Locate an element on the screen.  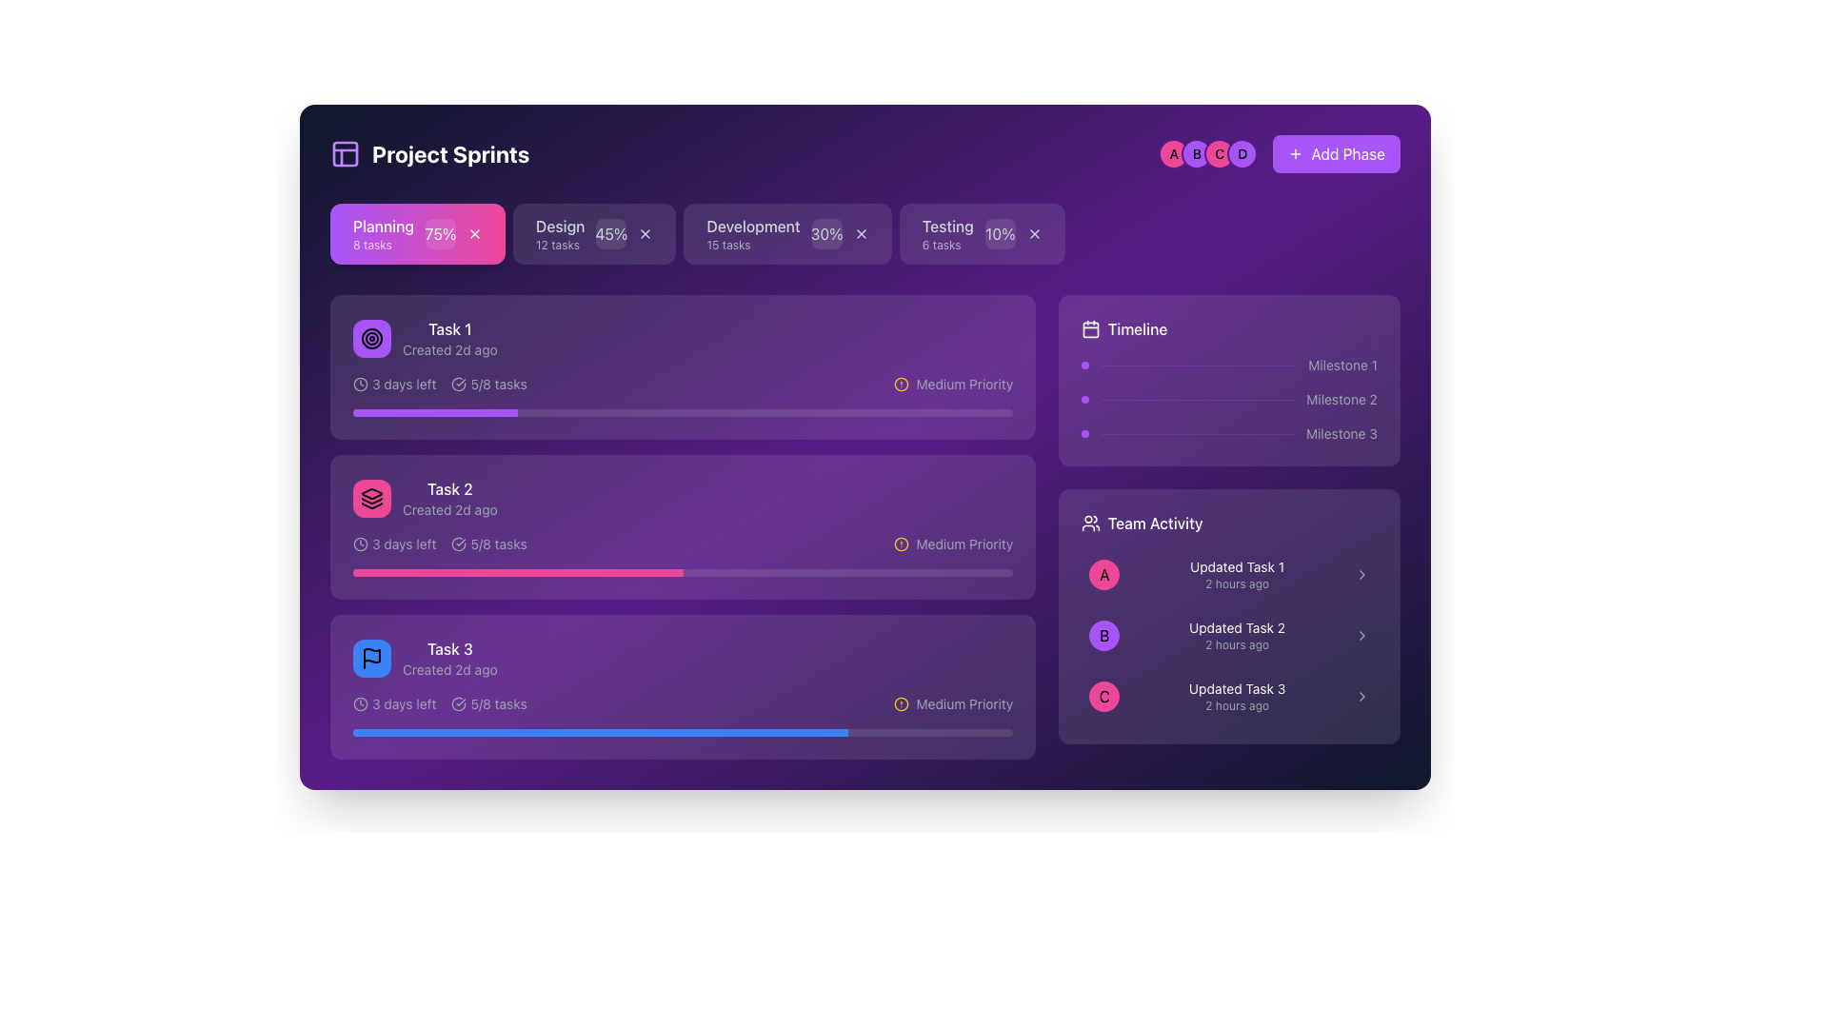
the static text element that provides information about a recently updated task, located as the third item in the 'Team Activity' section is located at coordinates (1237, 697).